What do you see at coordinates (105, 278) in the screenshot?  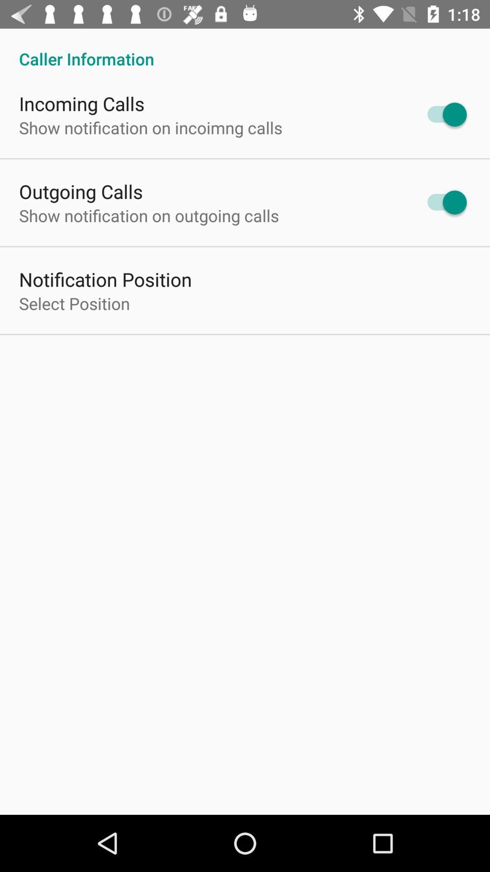 I see `icon below show notification on app` at bounding box center [105, 278].